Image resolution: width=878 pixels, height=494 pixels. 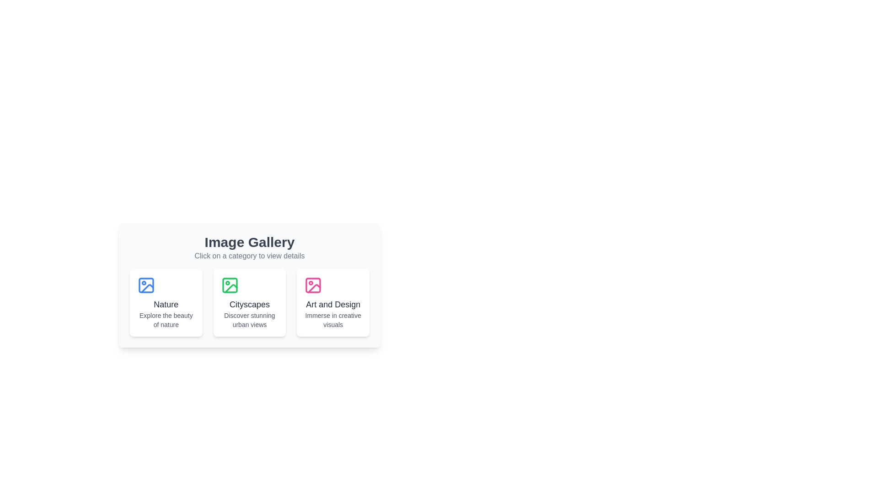 What do you see at coordinates (332, 319) in the screenshot?
I see `text 'Immerse in creative visuals' which is styled with a small font size and gray color, located below the title 'Art and Design' inside the card layout` at bounding box center [332, 319].